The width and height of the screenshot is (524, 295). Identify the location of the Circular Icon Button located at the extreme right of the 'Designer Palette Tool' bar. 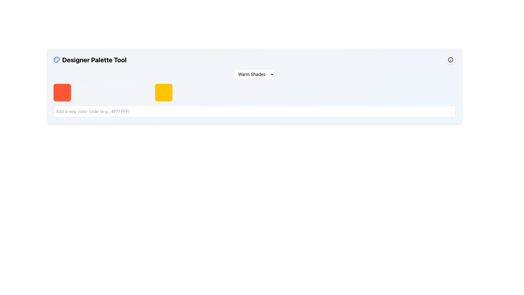
(451, 60).